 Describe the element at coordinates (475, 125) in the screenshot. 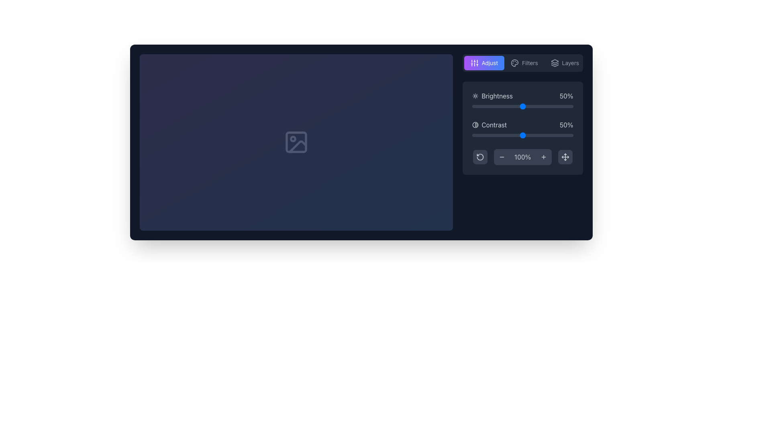

I see `the state of the contrast adjustment icon located on the right panel of the interface, just to the left of the text 'Contrast'` at that location.